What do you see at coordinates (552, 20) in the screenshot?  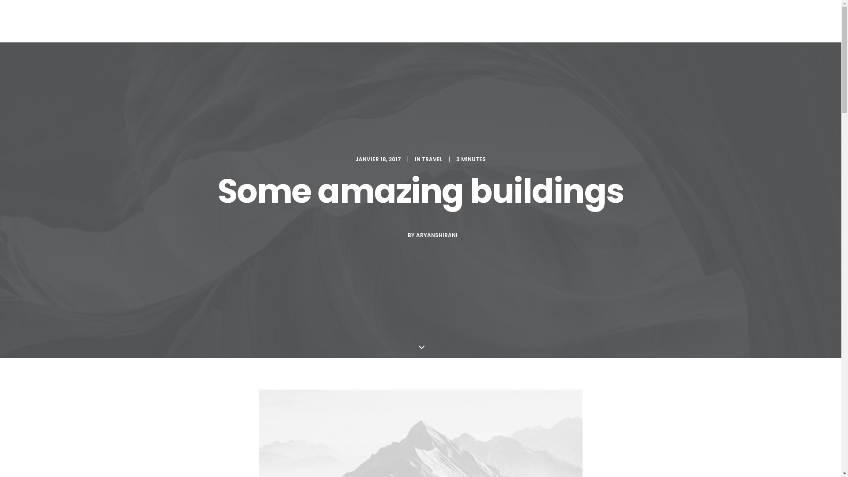 I see `'GALERIE'` at bounding box center [552, 20].